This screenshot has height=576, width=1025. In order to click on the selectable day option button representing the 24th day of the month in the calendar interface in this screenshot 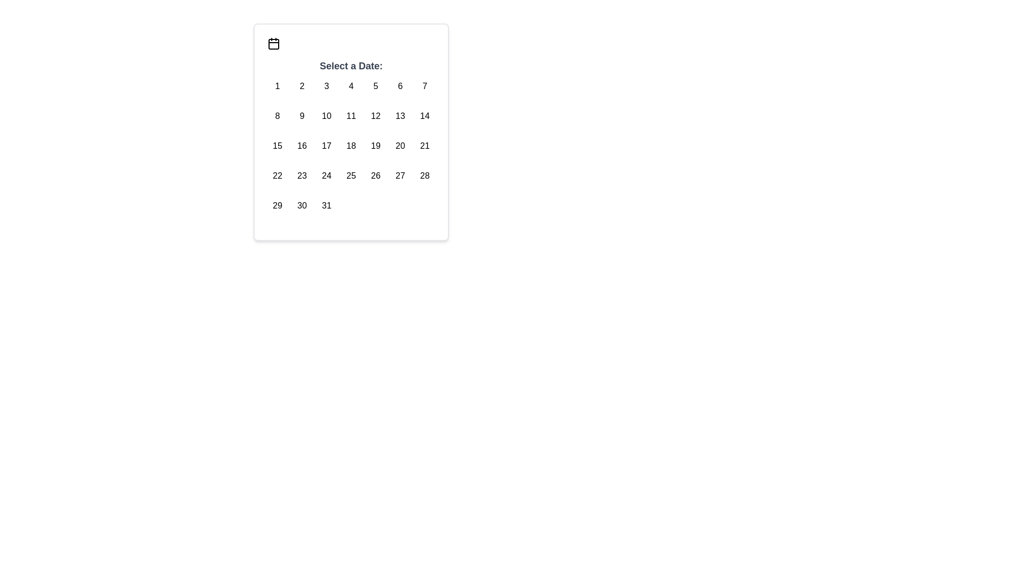, I will do `click(326, 175)`.